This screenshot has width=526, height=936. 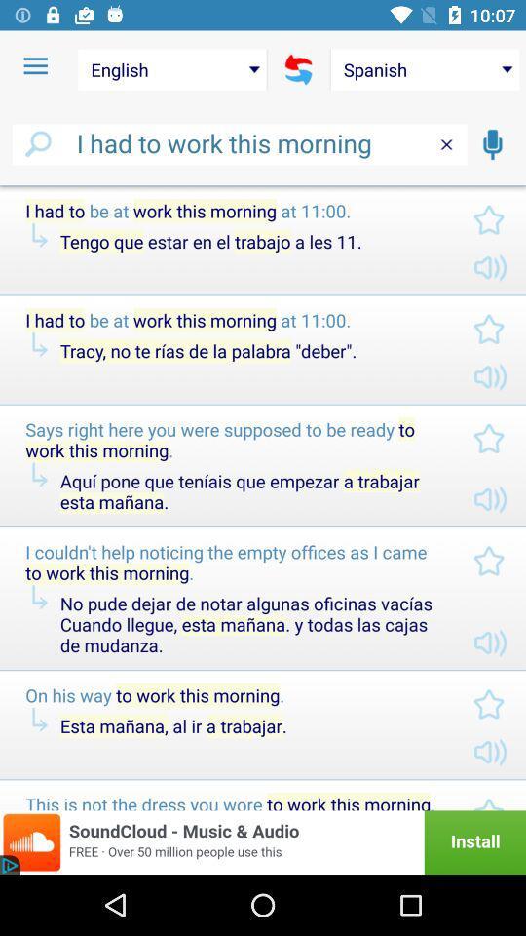 What do you see at coordinates (263, 841) in the screenshot?
I see `soundcloud add install` at bounding box center [263, 841].